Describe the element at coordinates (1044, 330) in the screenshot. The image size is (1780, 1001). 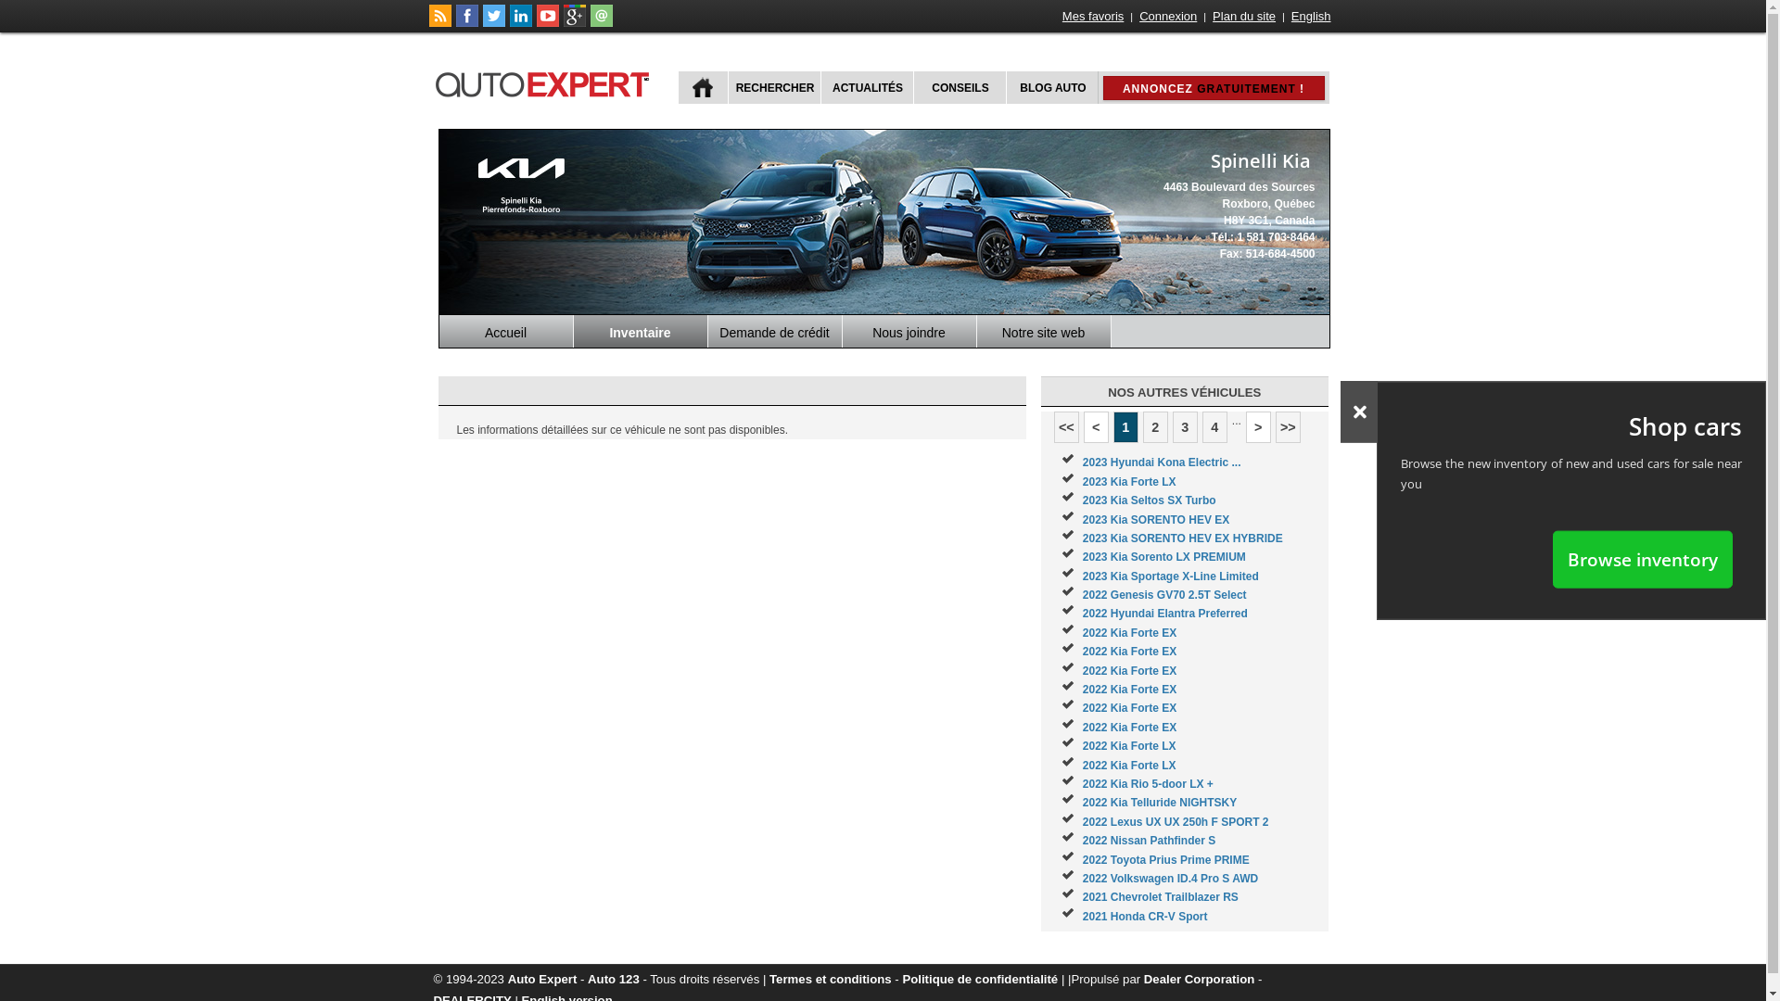
I see `'Notre site web'` at that location.